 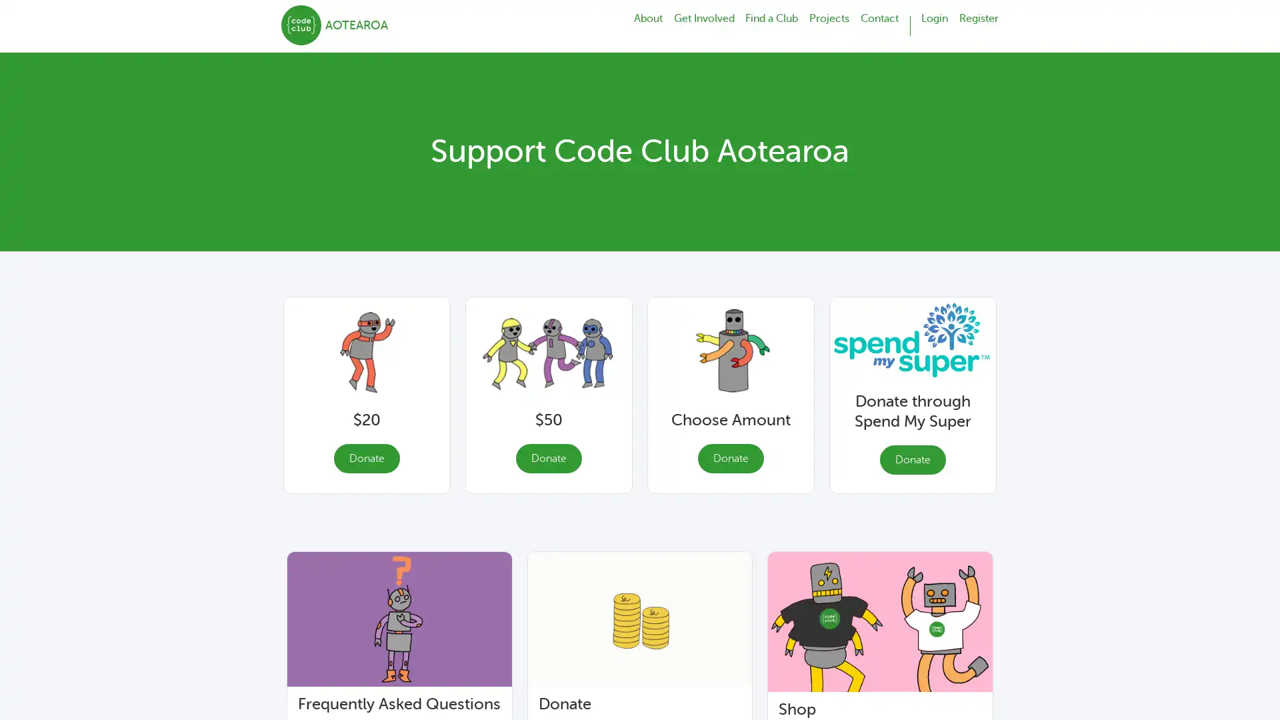 I want to click on Donate, so click(x=730, y=457).